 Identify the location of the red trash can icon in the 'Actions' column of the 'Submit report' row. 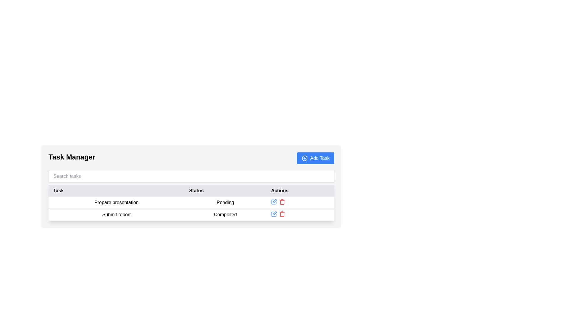
(282, 201).